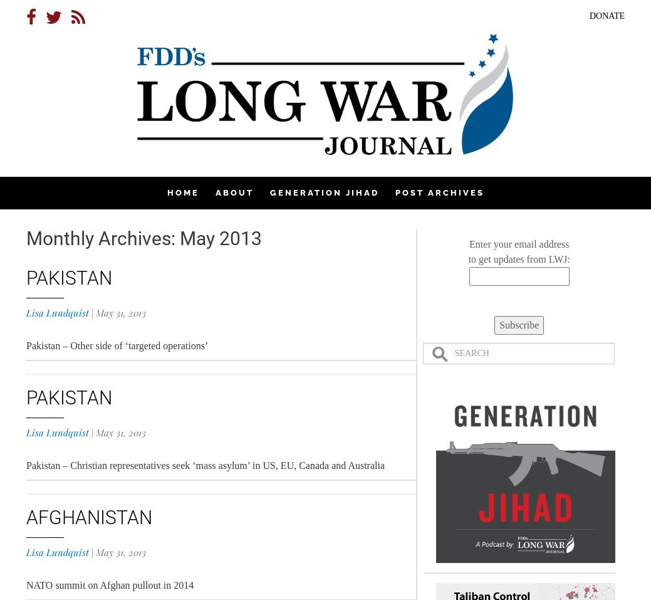 The width and height of the screenshot is (651, 600). Describe the element at coordinates (144, 238) in the screenshot. I see `'Monthly Archives: May 2013'` at that location.